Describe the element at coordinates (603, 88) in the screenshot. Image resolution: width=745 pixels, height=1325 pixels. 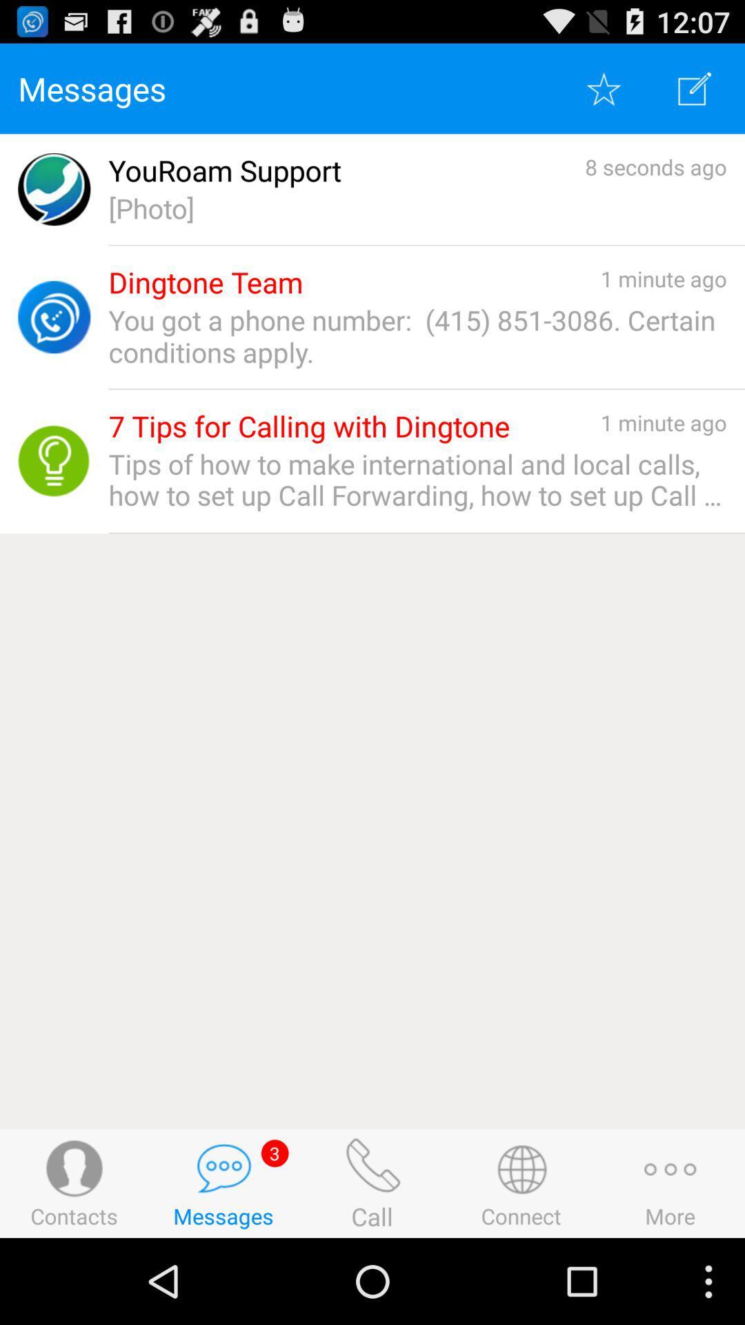
I see `click favorite` at that location.